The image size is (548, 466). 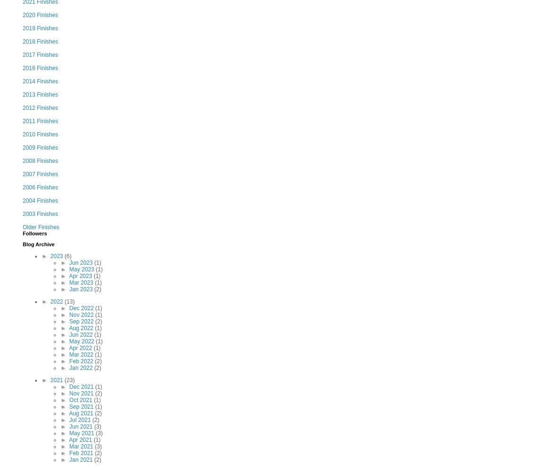 What do you see at coordinates (40, 160) in the screenshot?
I see `'2008 Finishes'` at bounding box center [40, 160].